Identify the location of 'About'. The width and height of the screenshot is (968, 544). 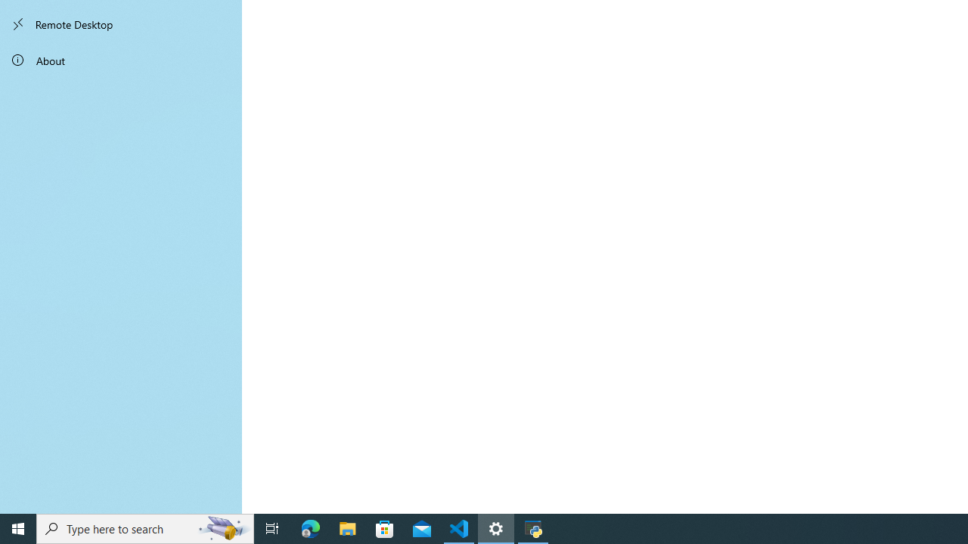
(121, 59).